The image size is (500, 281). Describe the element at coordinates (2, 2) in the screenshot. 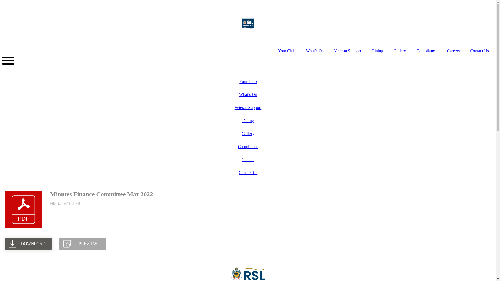

I see `'Skip to content'` at that location.